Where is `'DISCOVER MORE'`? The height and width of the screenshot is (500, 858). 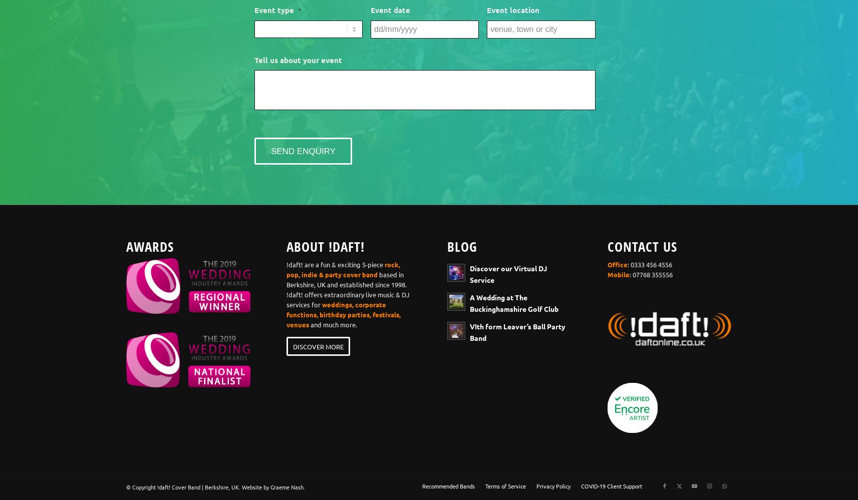
'DISCOVER MORE' is located at coordinates (318, 346).